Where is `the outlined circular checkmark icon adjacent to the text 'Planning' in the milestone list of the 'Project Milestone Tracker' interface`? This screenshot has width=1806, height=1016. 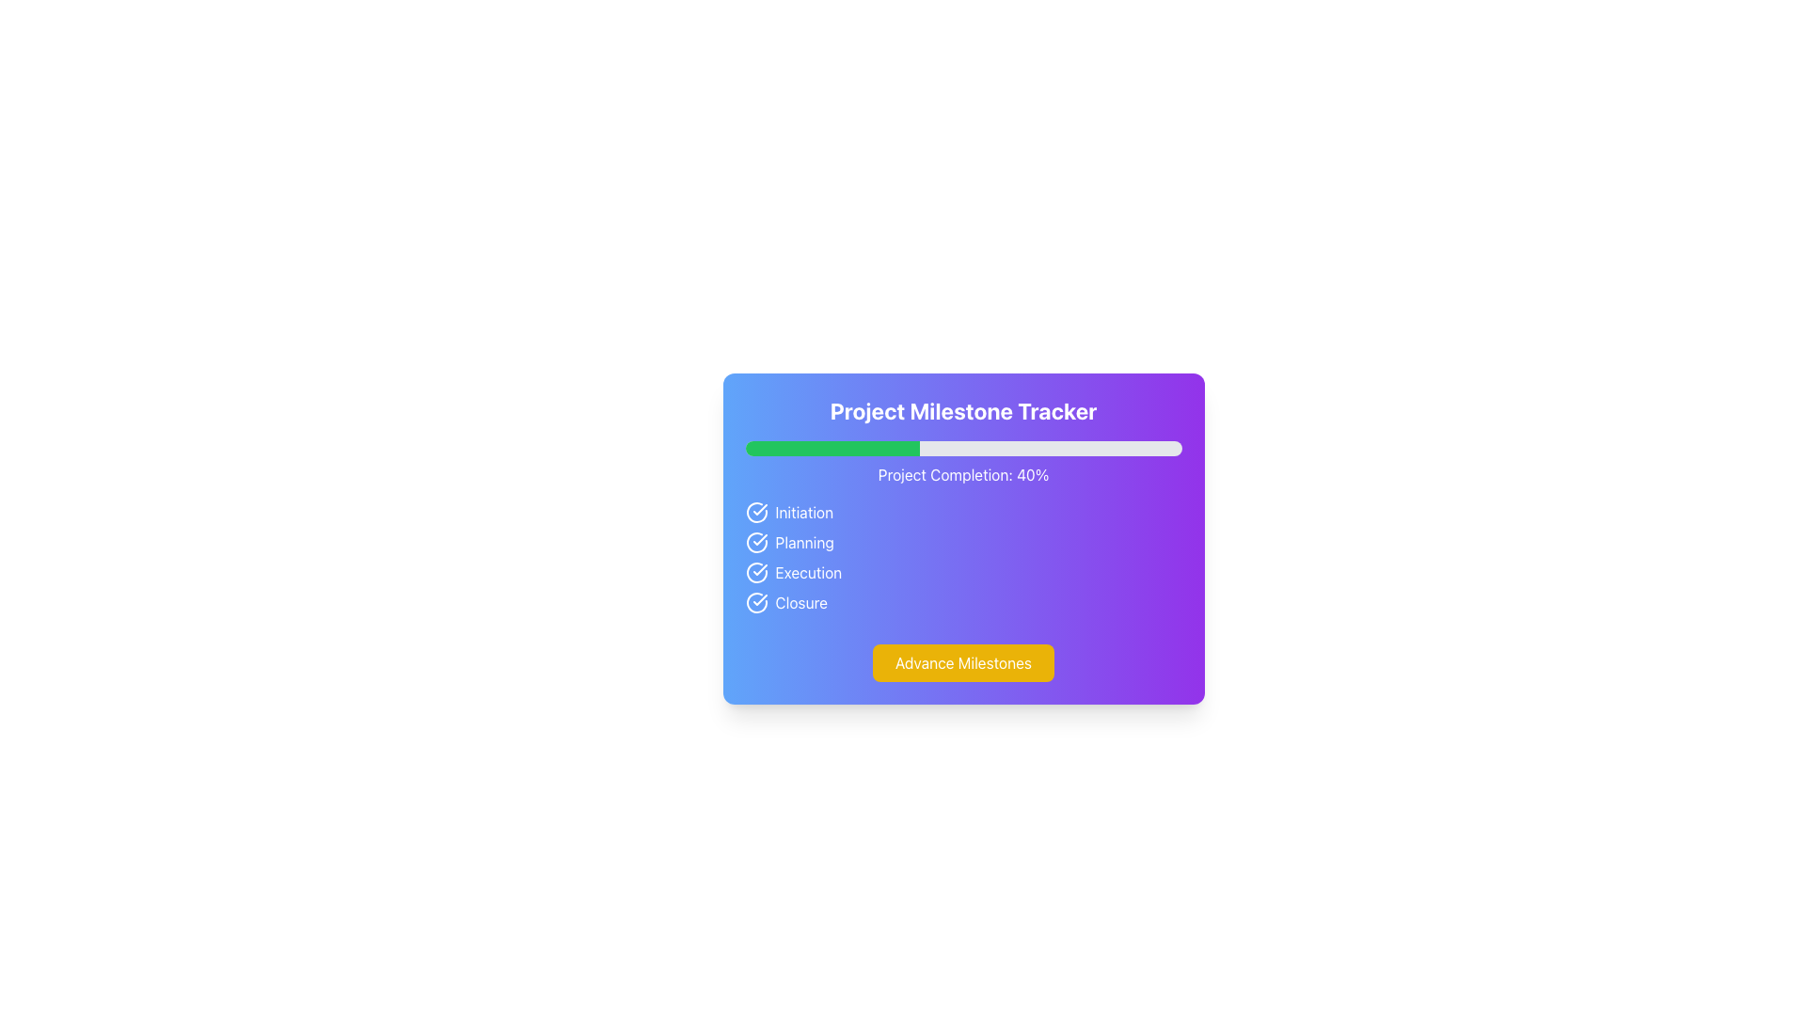 the outlined circular checkmark icon adjacent to the text 'Planning' in the milestone list of the 'Project Milestone Tracker' interface is located at coordinates (756, 543).